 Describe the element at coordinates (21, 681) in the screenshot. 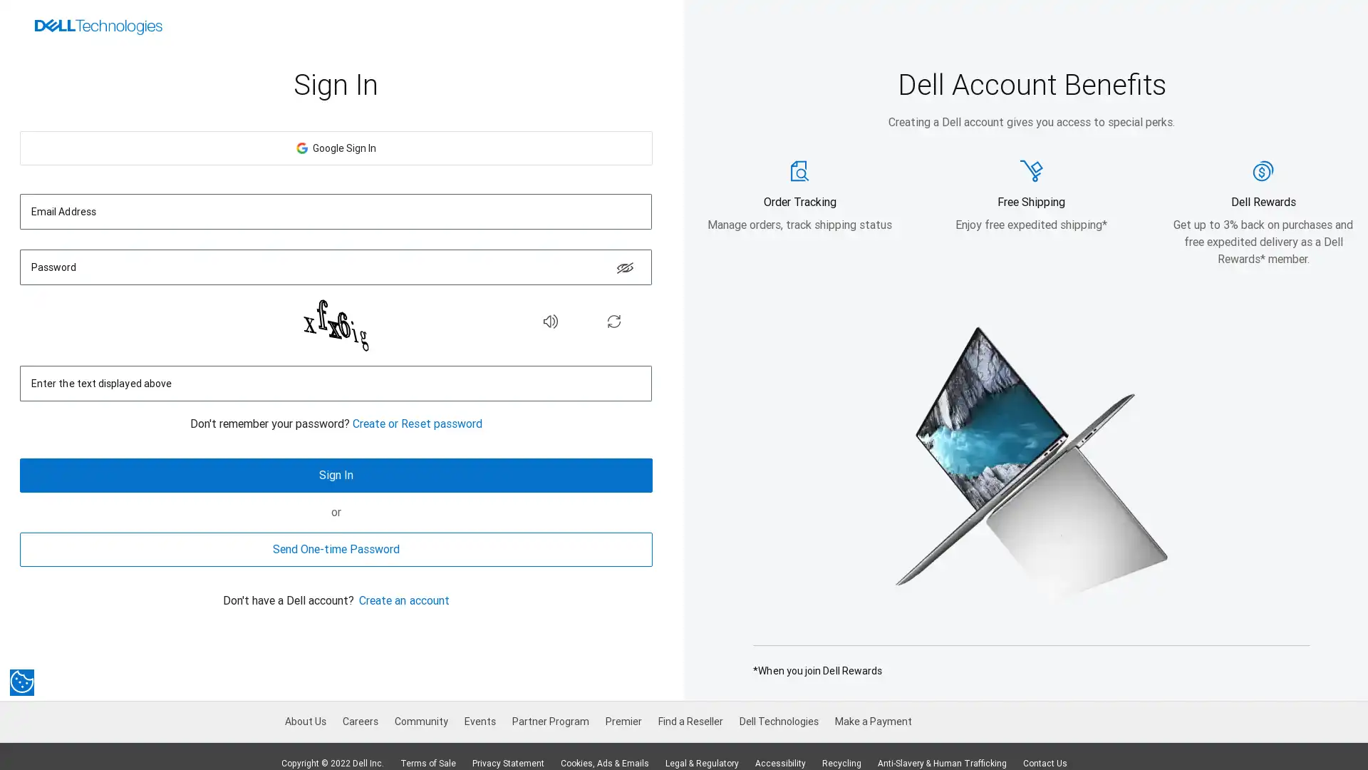

I see `manage your cookies` at that location.